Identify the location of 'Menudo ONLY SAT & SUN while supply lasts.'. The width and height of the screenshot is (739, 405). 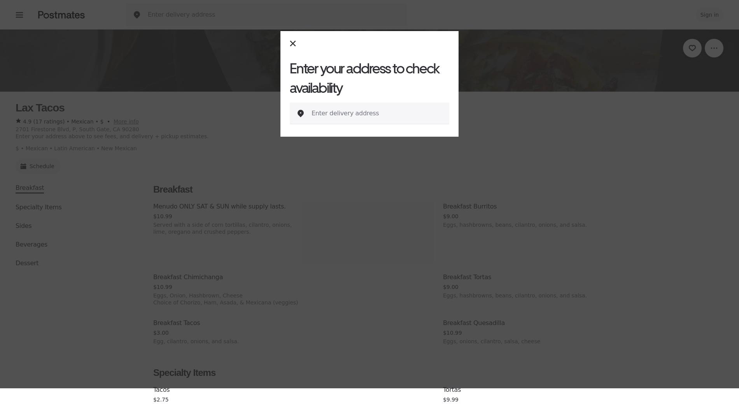
(153, 206).